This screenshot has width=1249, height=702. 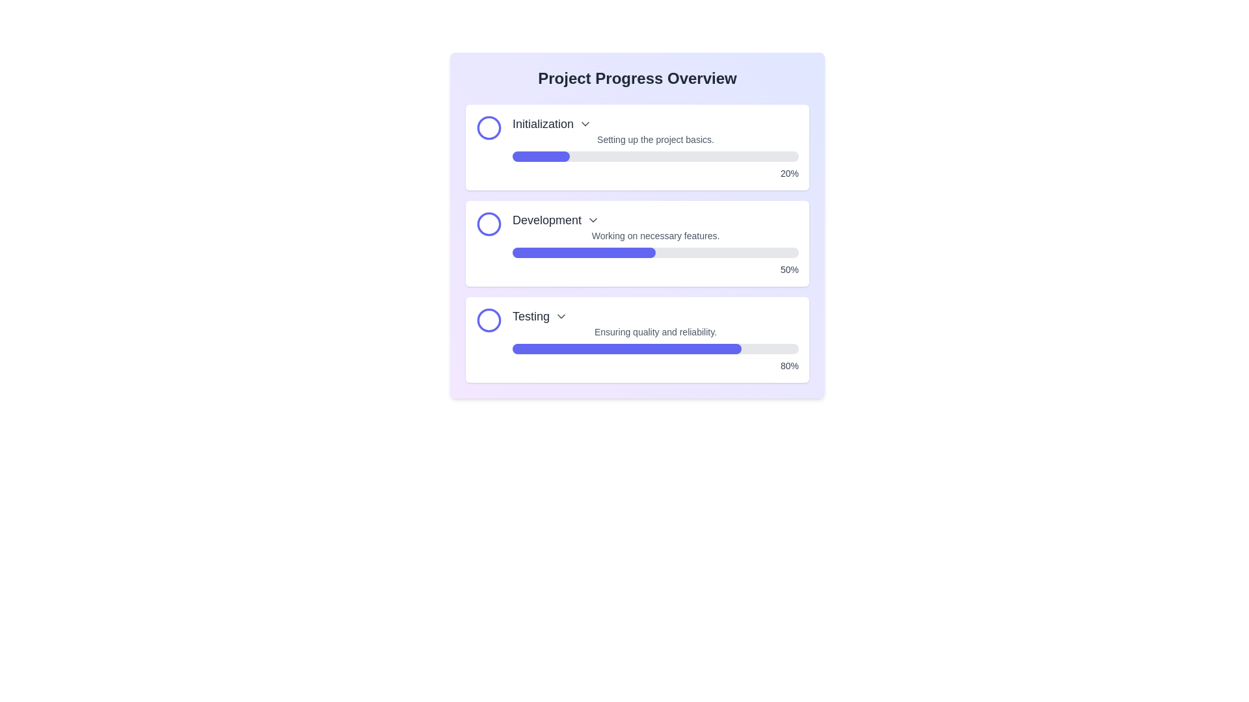 I want to click on the horizontal progress bar indicating 20% progress within the 'Initialization' section of the progress overview panel, so click(x=541, y=155).